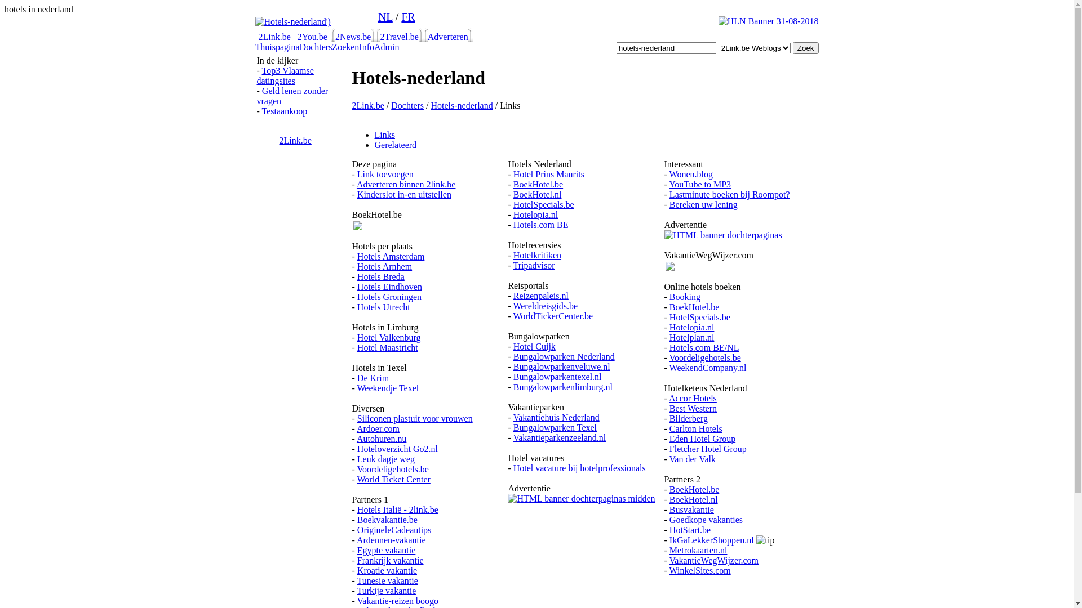 The width and height of the screenshot is (1082, 608). I want to click on 'Hotels Arnhem', so click(384, 266).